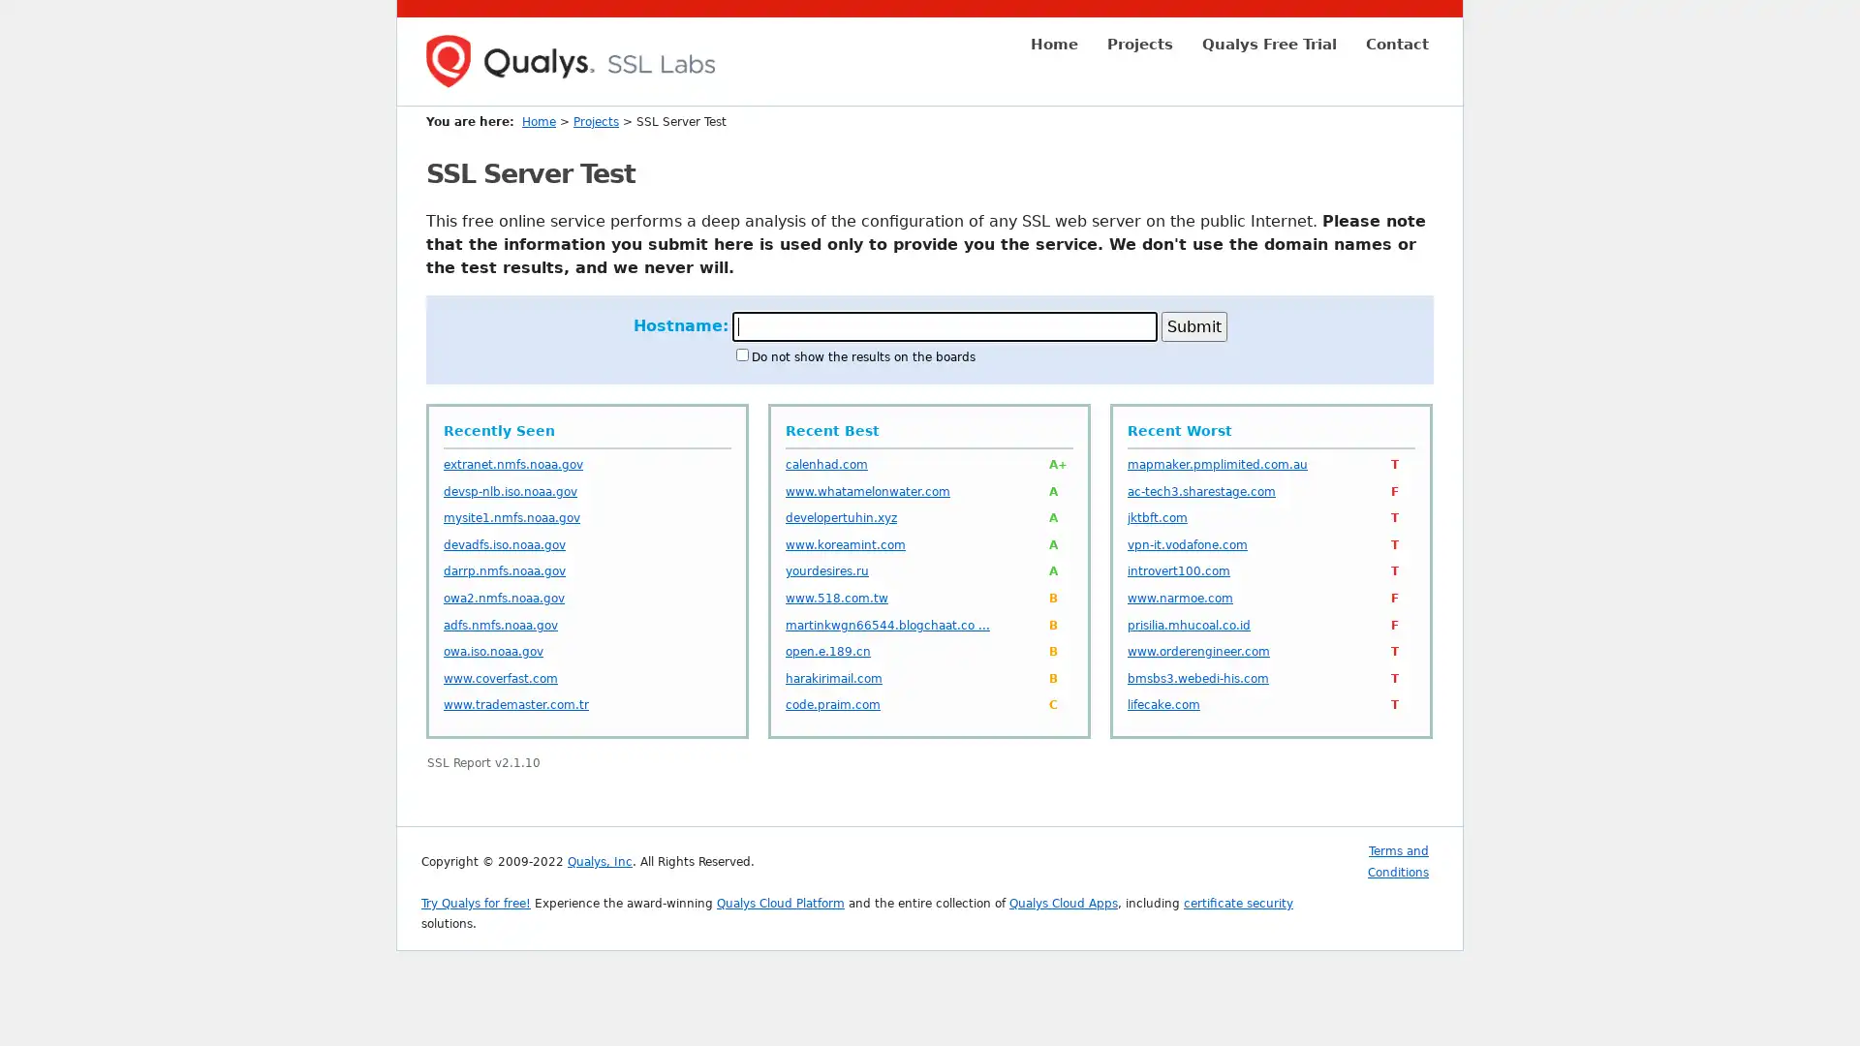  Describe the element at coordinates (1193, 324) in the screenshot. I see `Submit` at that location.